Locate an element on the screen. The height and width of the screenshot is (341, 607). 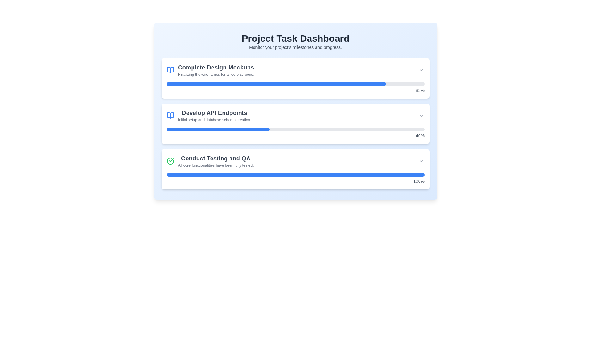
the progress bar indicating task completion percentage in the 'Conduct Testing and QA' task card, located below the subtitle 'All core functionalities have been fully tested.' is located at coordinates (295, 179).